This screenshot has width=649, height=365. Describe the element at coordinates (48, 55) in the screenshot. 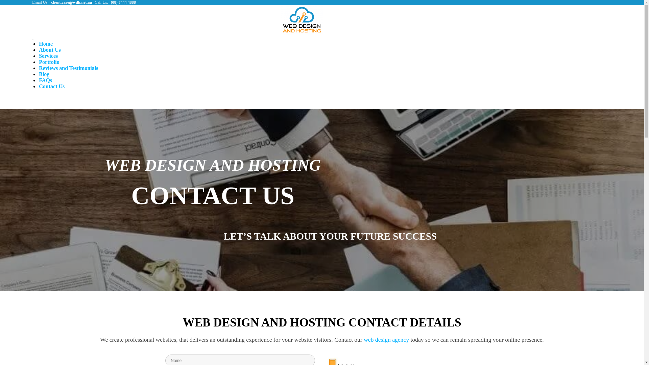

I see `'Services'` at that location.